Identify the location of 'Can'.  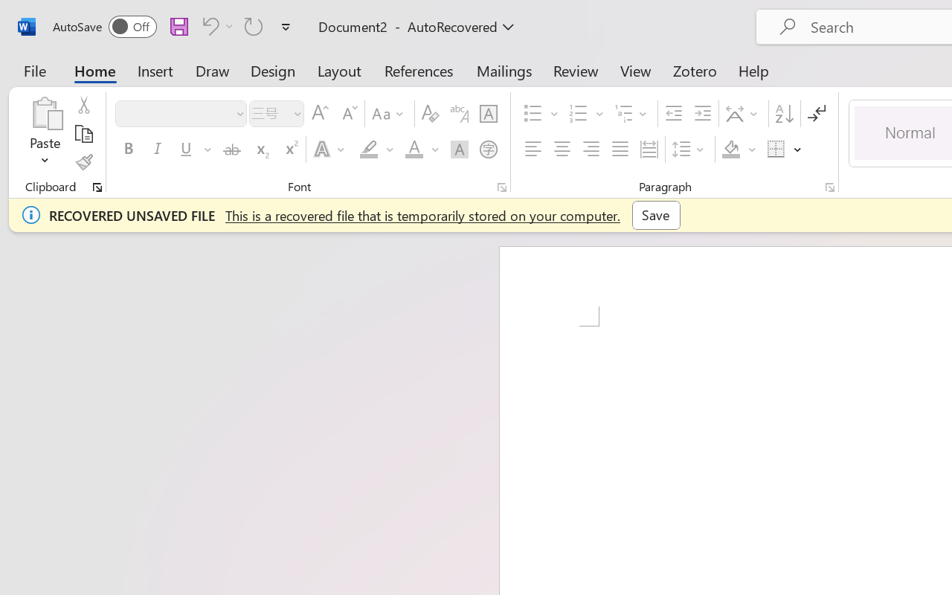
(254, 25).